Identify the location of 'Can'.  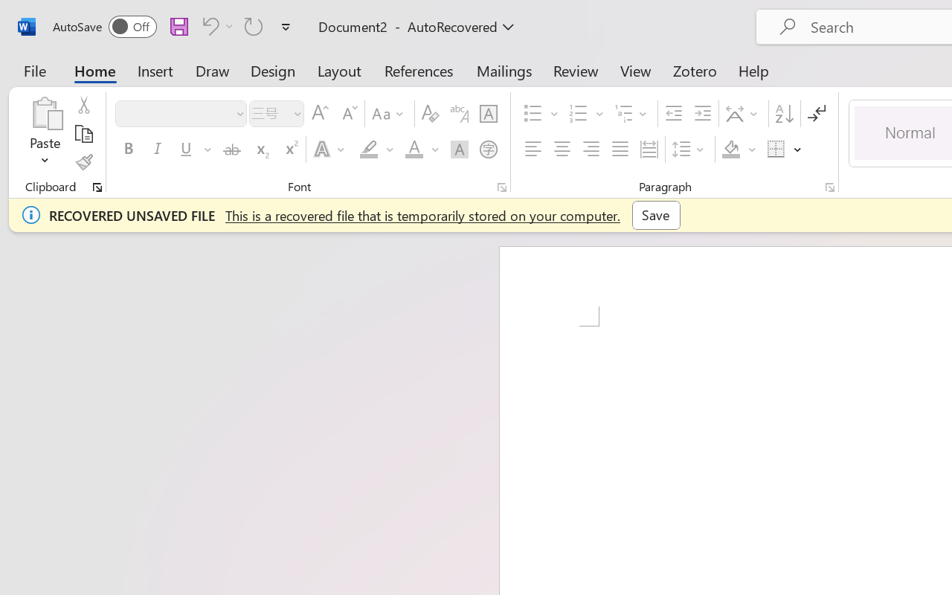
(254, 25).